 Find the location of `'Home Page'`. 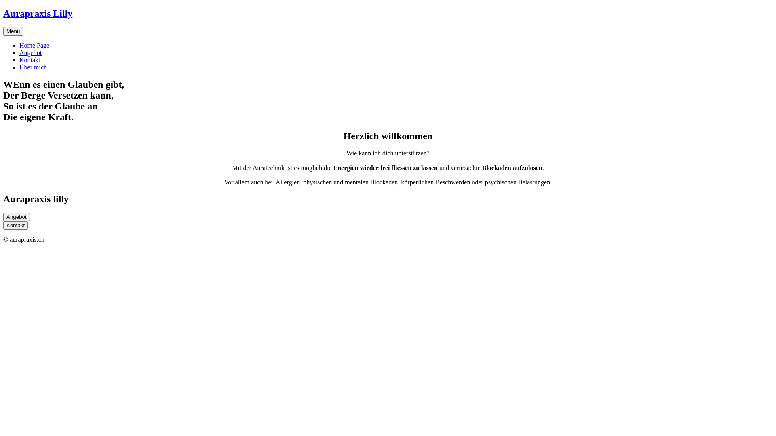

'Home Page' is located at coordinates (34, 45).